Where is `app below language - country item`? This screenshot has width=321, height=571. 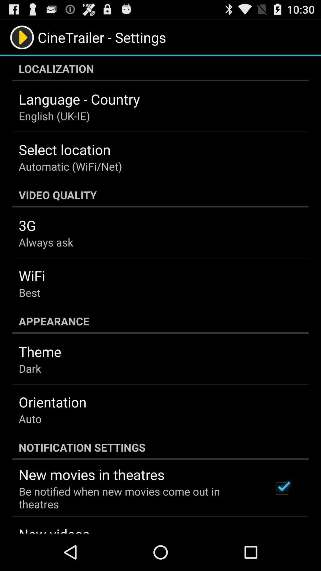 app below language - country item is located at coordinates (54, 116).